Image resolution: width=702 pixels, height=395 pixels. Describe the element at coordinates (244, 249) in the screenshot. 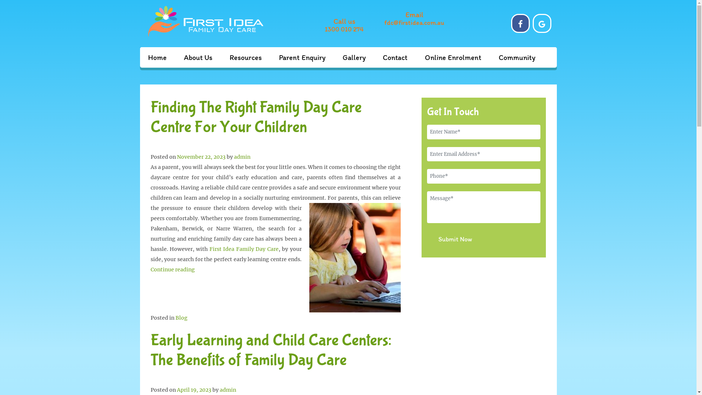

I see `'First Idea Family Day Care'` at that location.